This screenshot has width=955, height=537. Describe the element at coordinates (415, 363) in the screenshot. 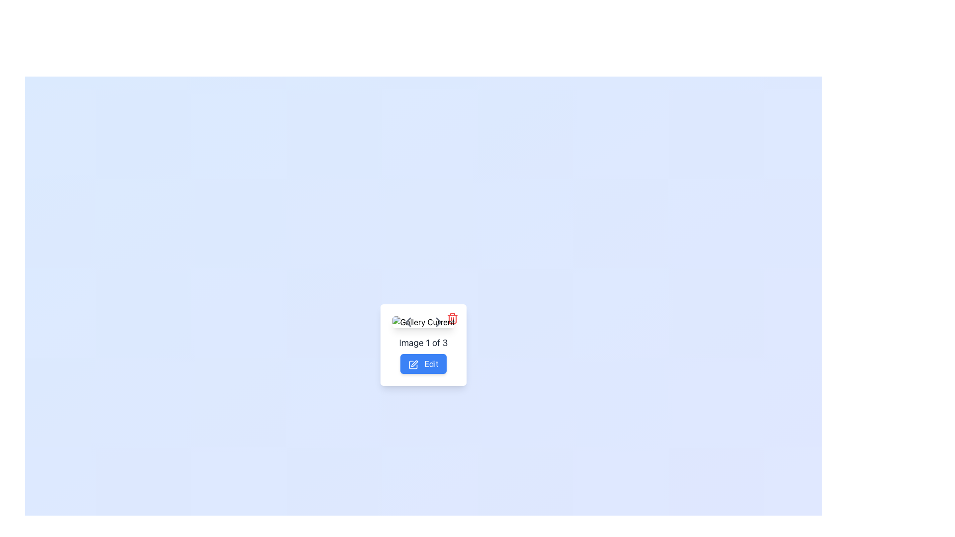

I see `the edit icon represented by a pen and square, located adjacent to the 'Gallery Current' heading, to initiate an edit action` at that location.